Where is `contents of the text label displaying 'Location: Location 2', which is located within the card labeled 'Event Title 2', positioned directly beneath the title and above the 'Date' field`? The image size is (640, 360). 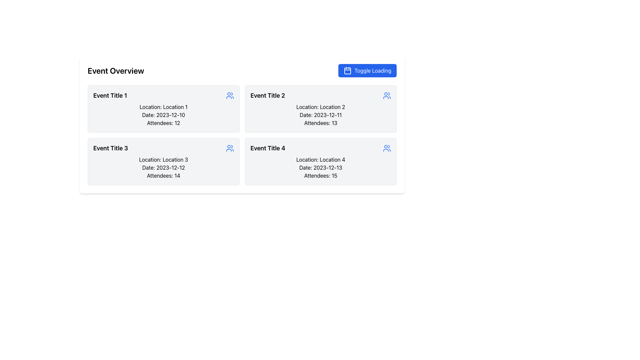 contents of the text label displaying 'Location: Location 2', which is located within the card labeled 'Event Title 2', positioned directly beneath the title and above the 'Date' field is located at coordinates (321, 106).